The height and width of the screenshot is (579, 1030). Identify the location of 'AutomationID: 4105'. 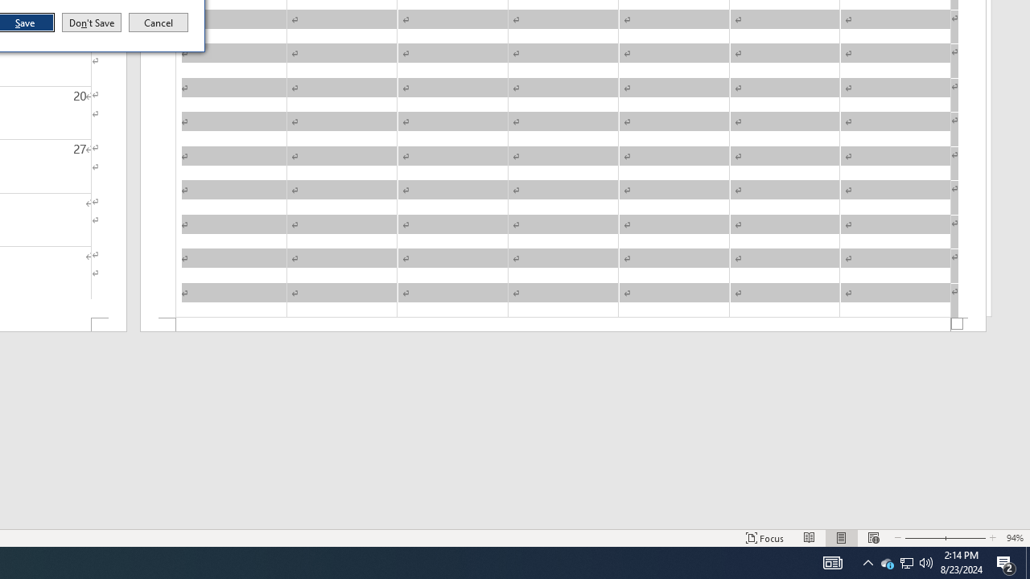
(832, 561).